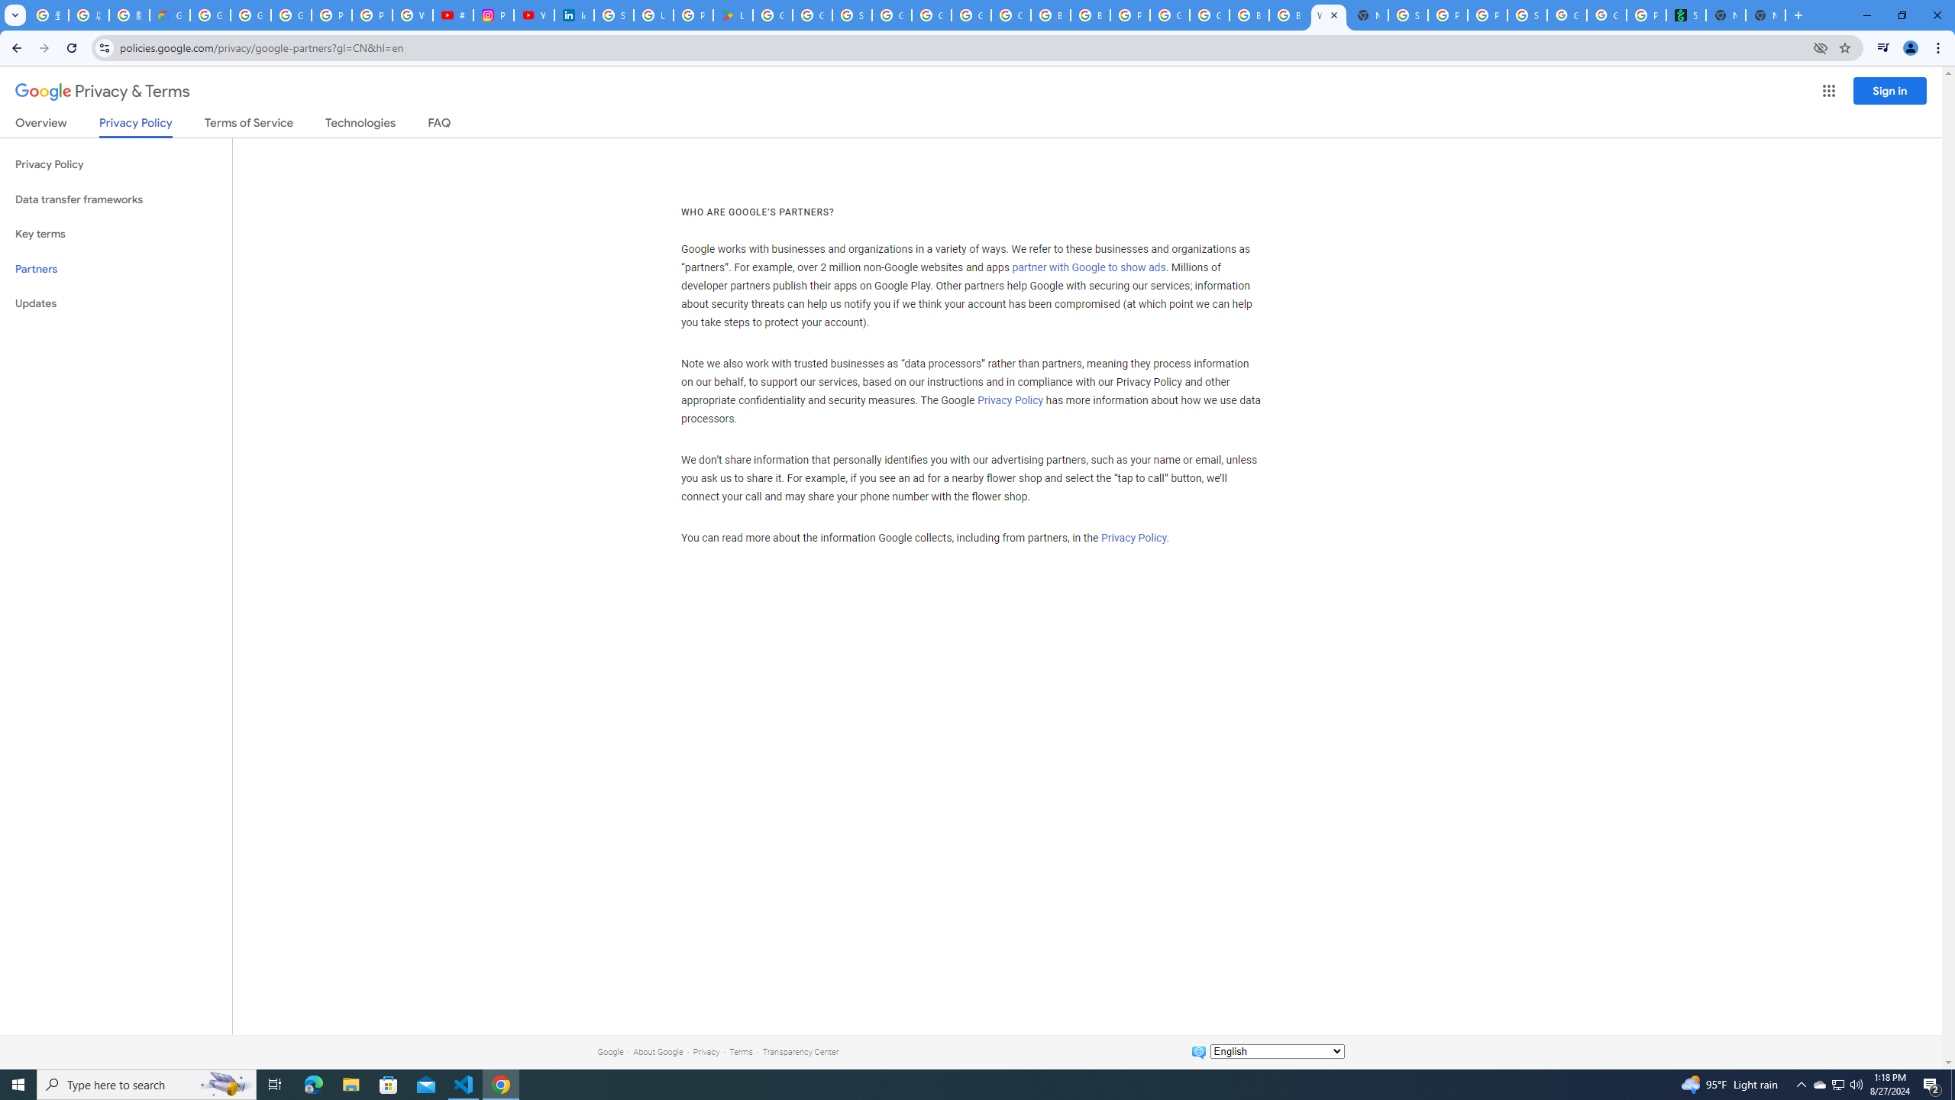 The image size is (1955, 1100). Describe the element at coordinates (360, 125) in the screenshot. I see `'Technologies'` at that location.